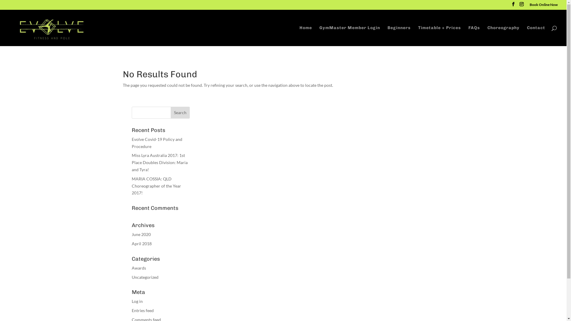 This screenshot has height=321, width=571. Describe the element at coordinates (503, 35) in the screenshot. I see `'Choreography'` at that location.